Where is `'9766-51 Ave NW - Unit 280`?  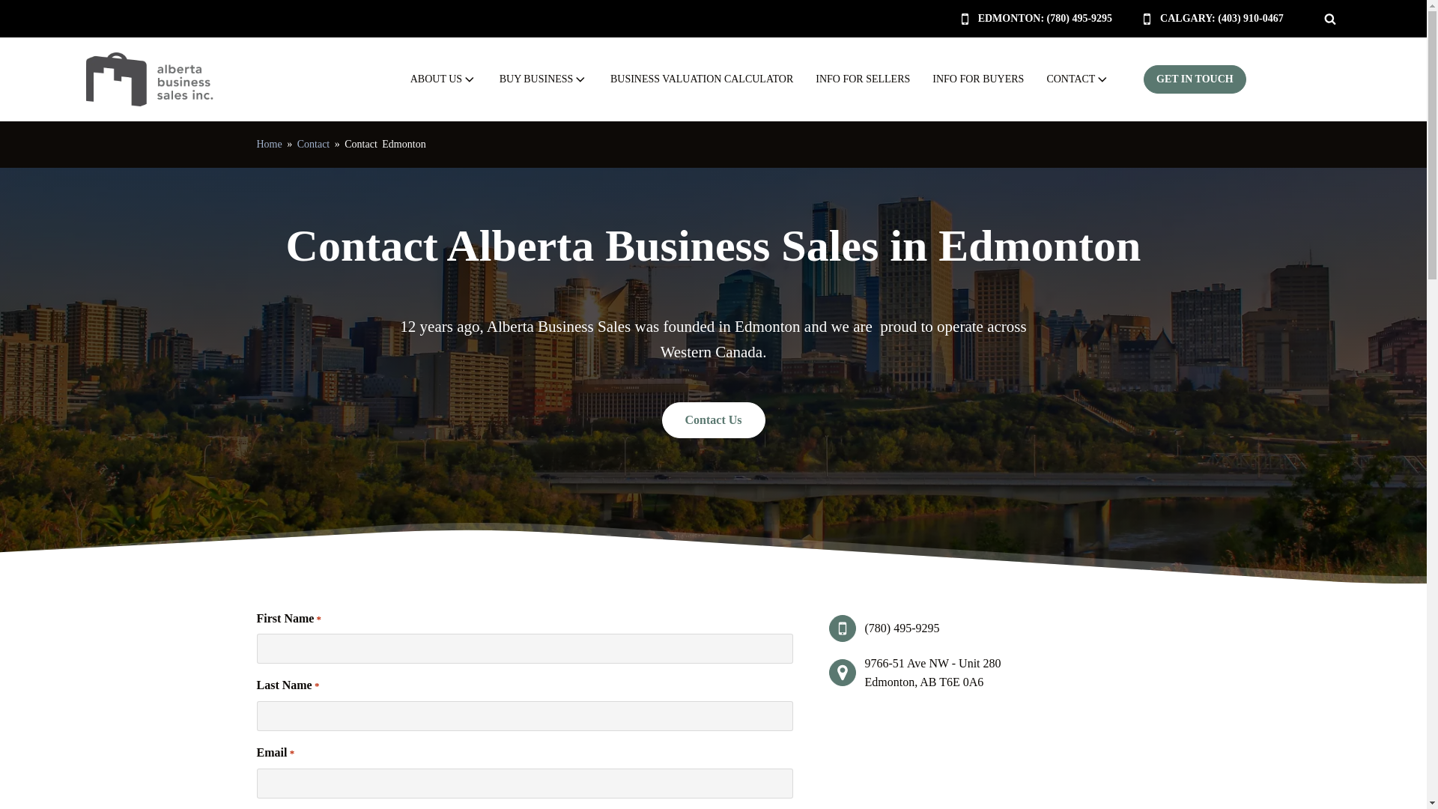 '9766-51 Ave NW - Unit 280 is located at coordinates (931, 672).